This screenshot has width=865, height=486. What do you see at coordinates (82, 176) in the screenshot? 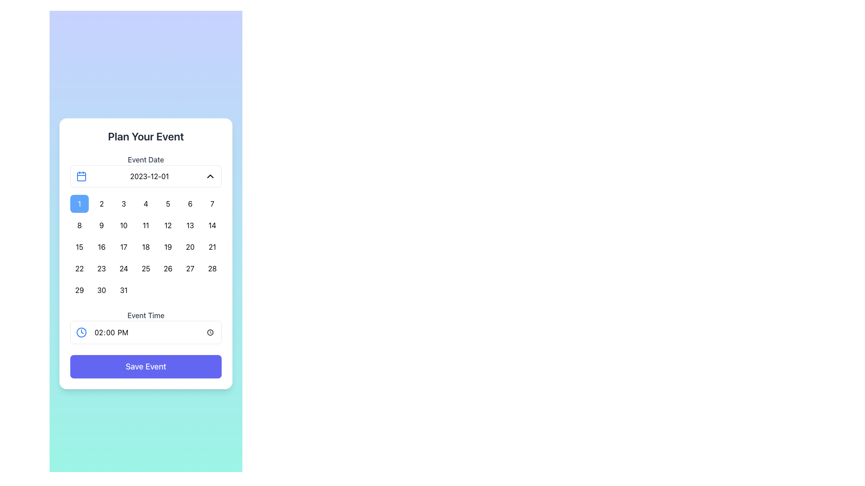
I see `the calendar icon, which is a blue square outline with a header line, located to the left of the date '2023-12-01'` at bounding box center [82, 176].